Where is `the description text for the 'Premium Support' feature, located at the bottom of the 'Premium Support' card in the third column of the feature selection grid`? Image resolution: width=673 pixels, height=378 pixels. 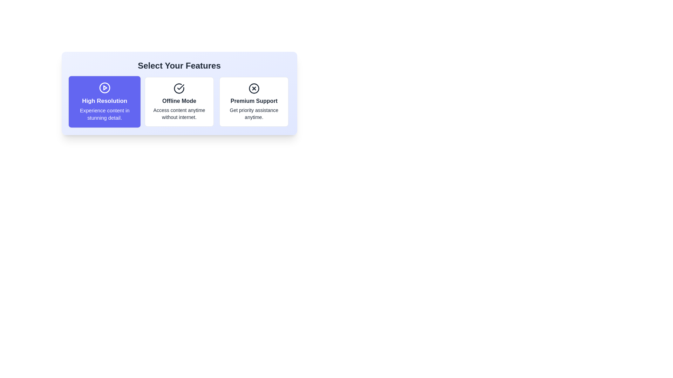 the description text for the 'Premium Support' feature, located at the bottom of the 'Premium Support' card in the third column of the feature selection grid is located at coordinates (253, 113).